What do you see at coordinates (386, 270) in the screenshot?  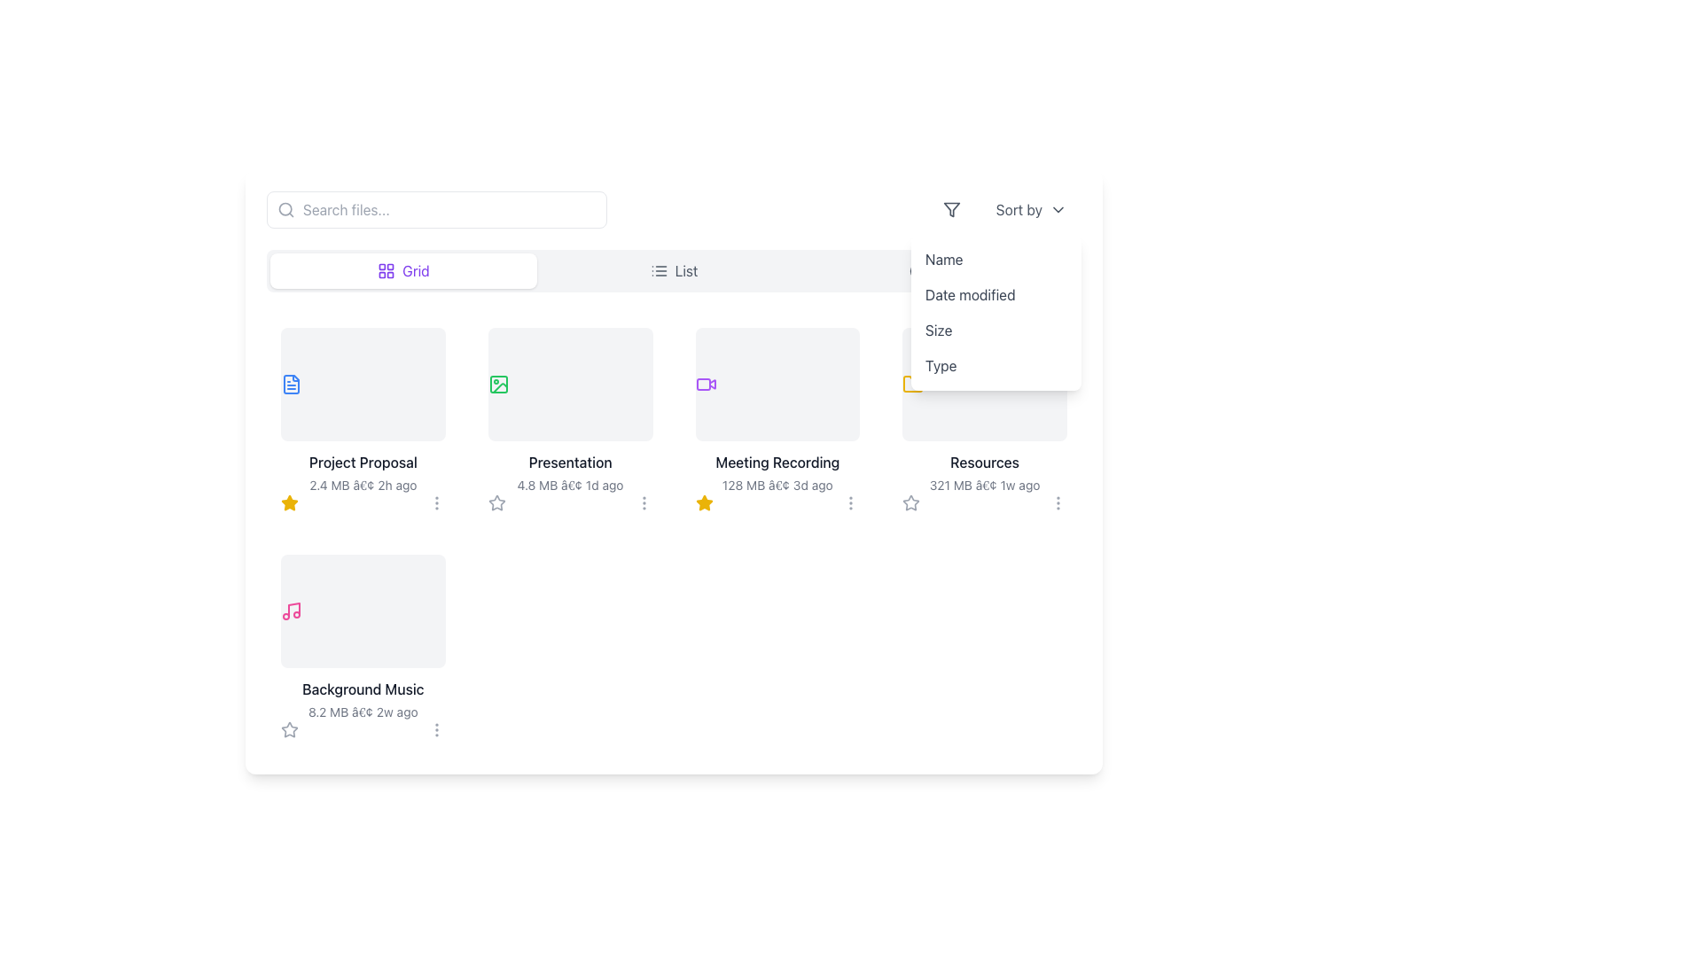 I see `the 'Grid' button which contains the SVG-based graphic icon to switch to the grid layout` at bounding box center [386, 270].